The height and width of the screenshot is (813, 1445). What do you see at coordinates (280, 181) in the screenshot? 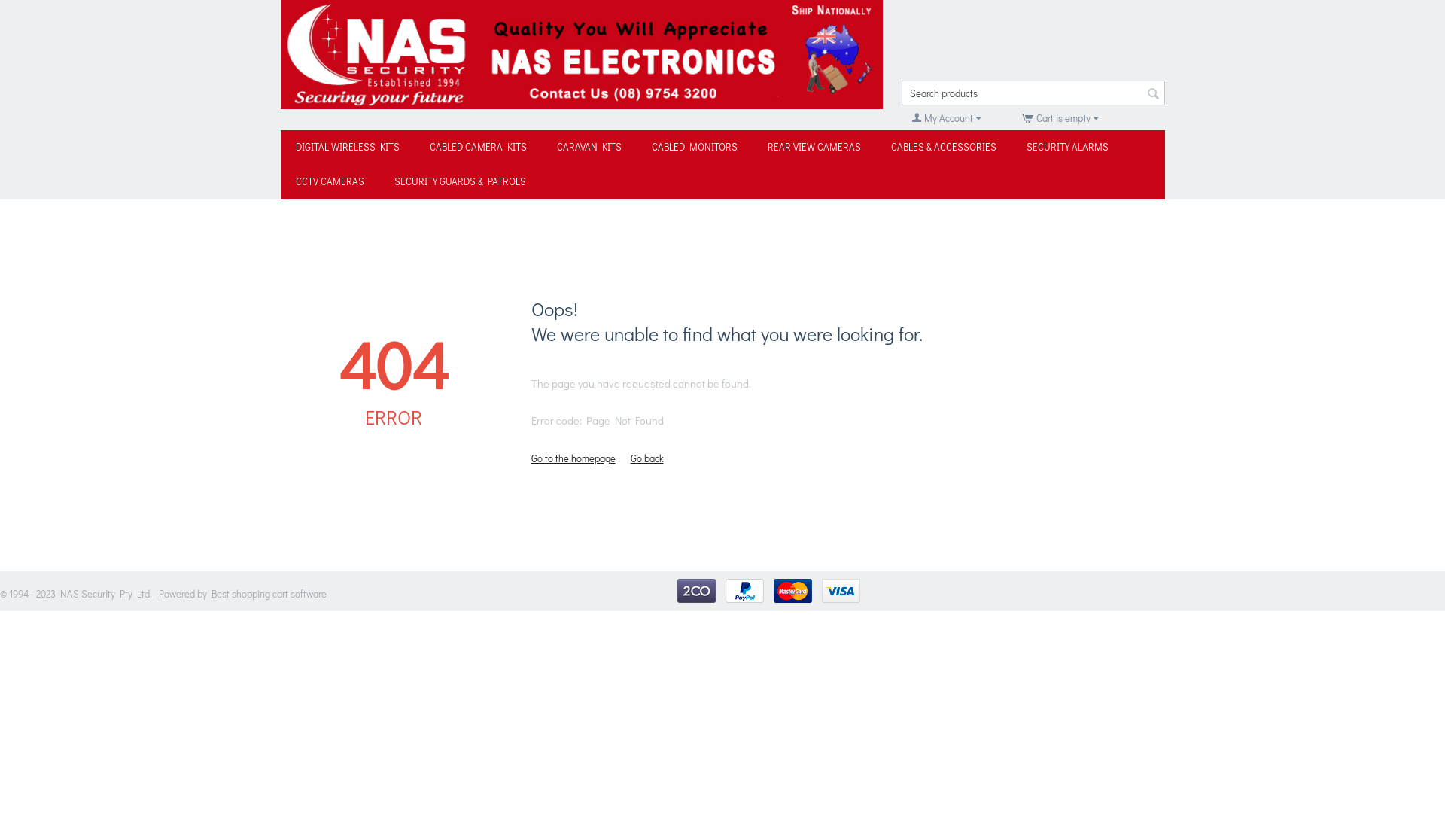
I see `'CCTV CAMERAS'` at bounding box center [280, 181].